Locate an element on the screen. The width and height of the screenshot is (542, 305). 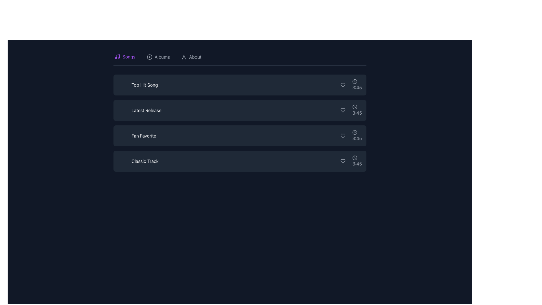
the third instance of the time duration display, which reads '3:45' and is accompanied by a clock icon on the left, positioned to the far right in a horizontal list row is located at coordinates (357, 136).